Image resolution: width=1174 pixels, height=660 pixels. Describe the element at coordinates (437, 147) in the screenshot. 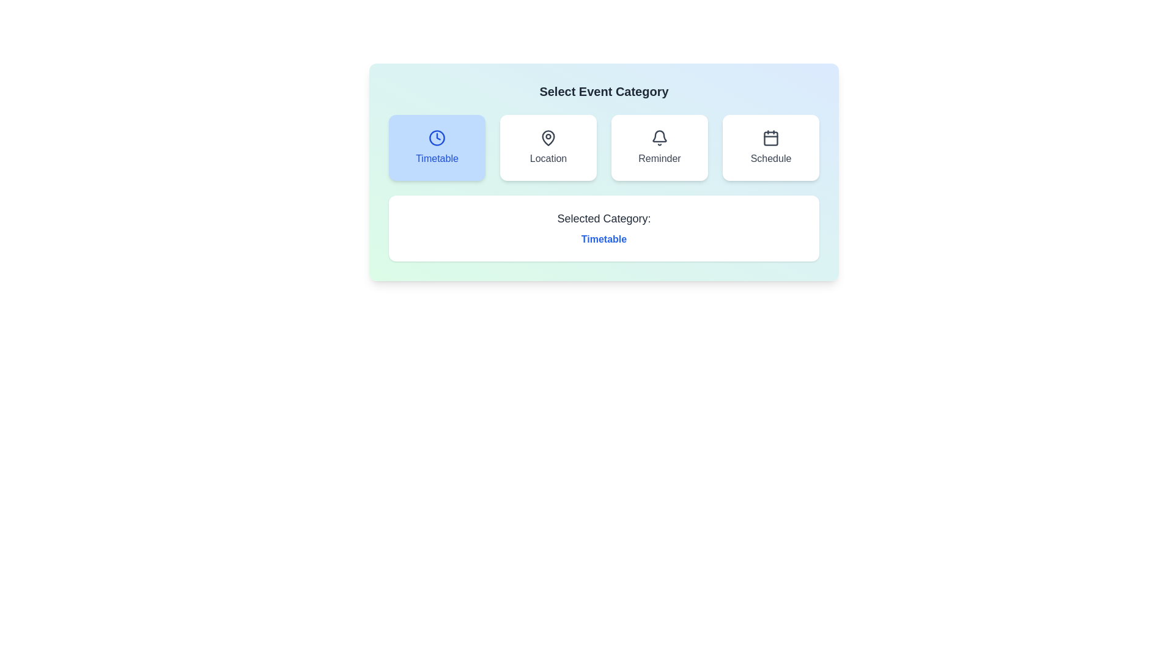

I see `the button labeled Timetable to observe its hover effect` at that location.